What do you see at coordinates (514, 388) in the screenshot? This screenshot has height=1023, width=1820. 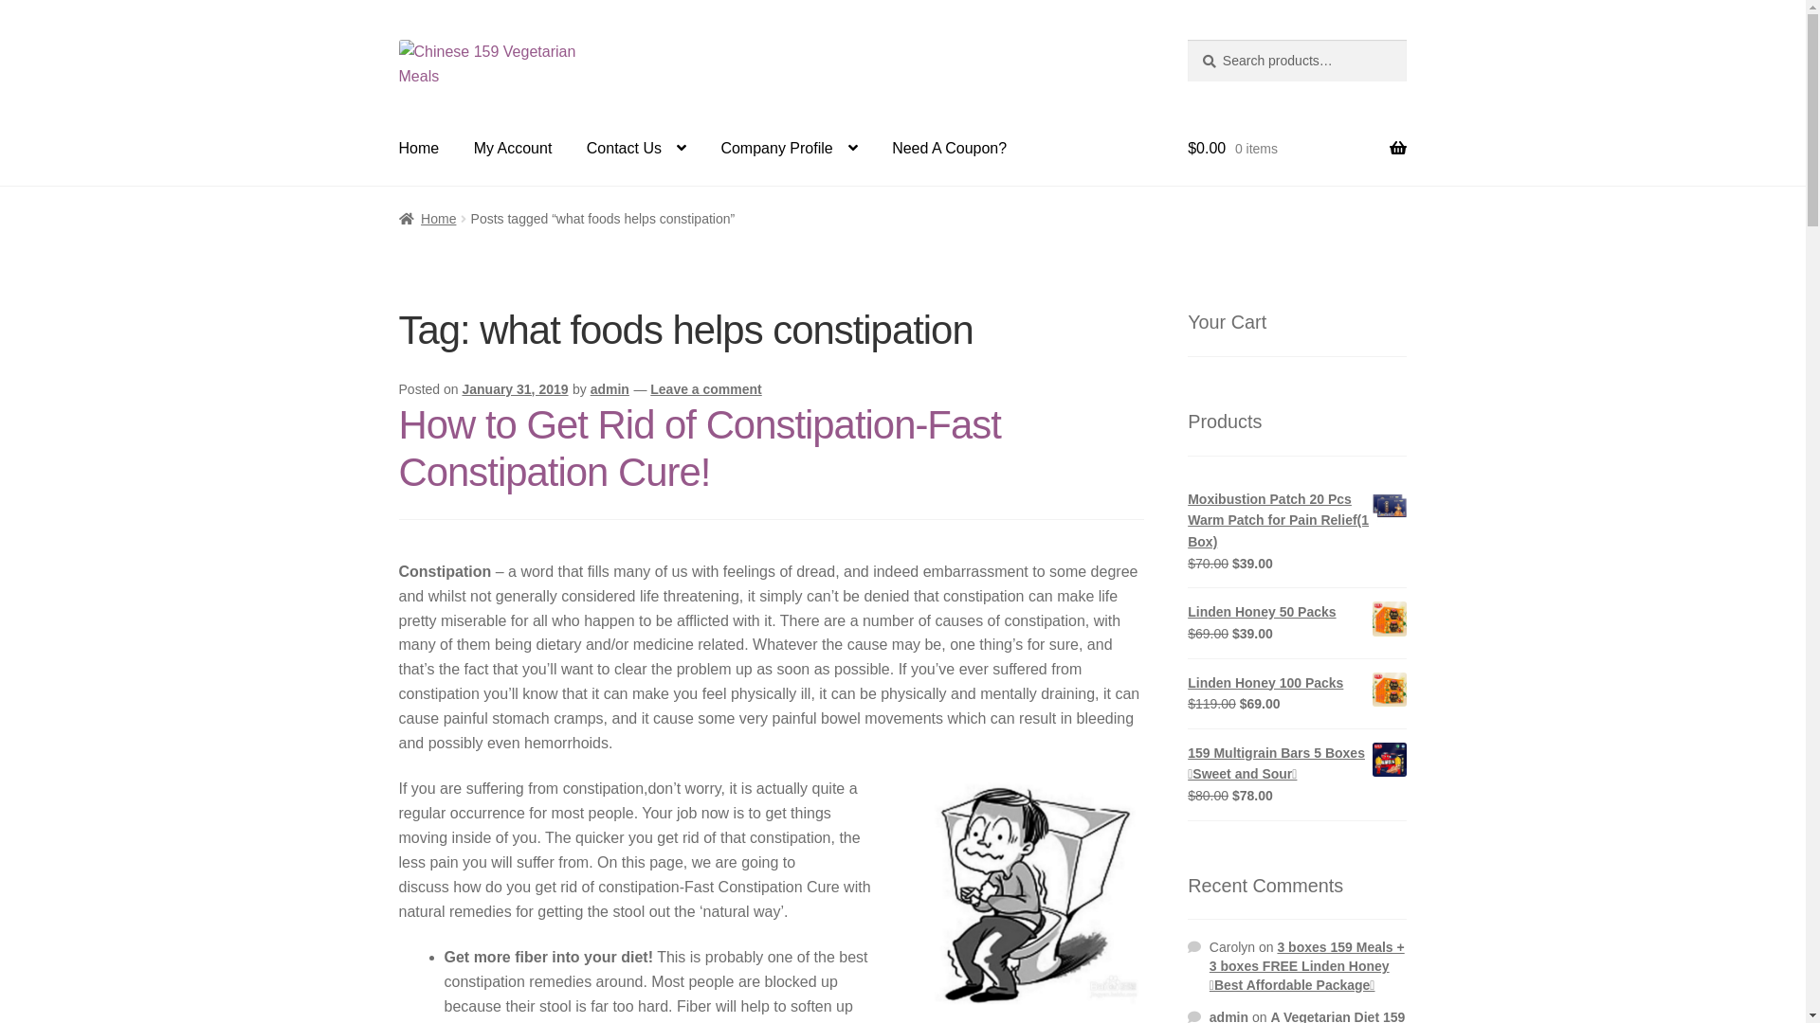 I see `'January 31, 2019'` at bounding box center [514, 388].